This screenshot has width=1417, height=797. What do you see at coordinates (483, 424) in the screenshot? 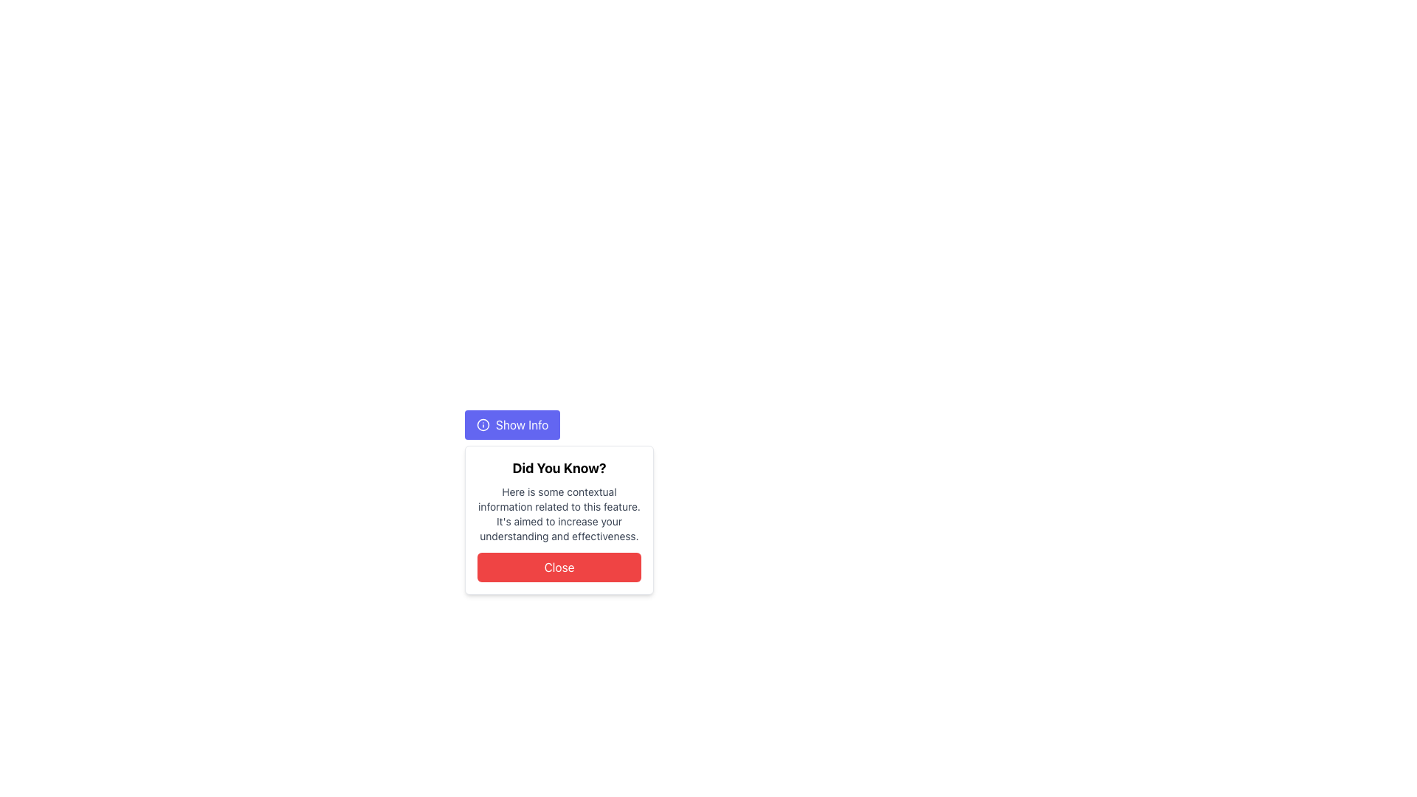
I see `the informational icon located to the left of the text inside the 'Show Info' button` at bounding box center [483, 424].